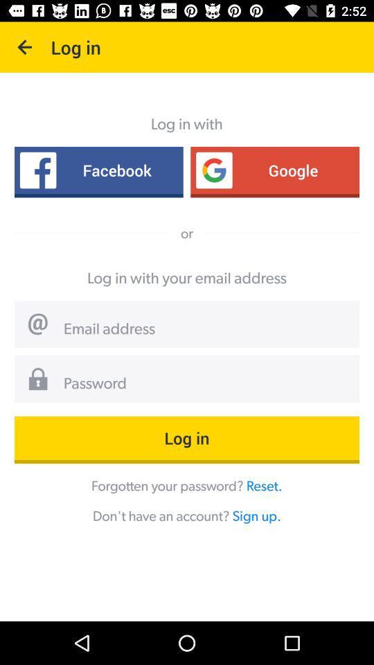 The height and width of the screenshot is (665, 374). I want to click on the icon below log in with item, so click(275, 169).